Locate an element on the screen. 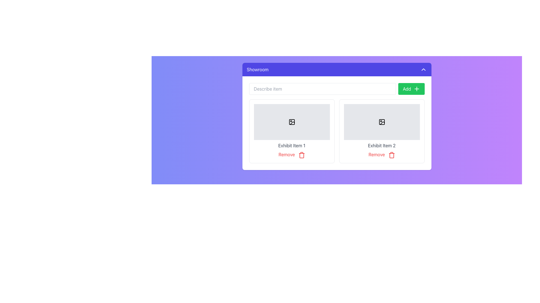 This screenshot has width=540, height=303. the image placeholder icon located at the center of Exhibit Item 2, which represents an image placeholder or a failed image load is located at coordinates (382, 123).